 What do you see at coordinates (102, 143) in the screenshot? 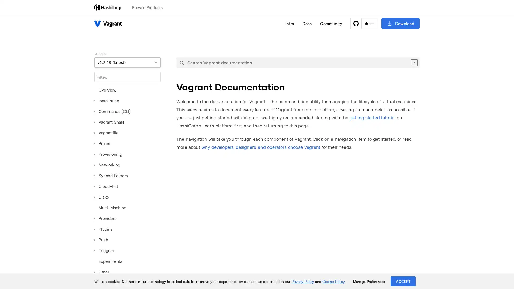
I see `Boxes` at bounding box center [102, 143].